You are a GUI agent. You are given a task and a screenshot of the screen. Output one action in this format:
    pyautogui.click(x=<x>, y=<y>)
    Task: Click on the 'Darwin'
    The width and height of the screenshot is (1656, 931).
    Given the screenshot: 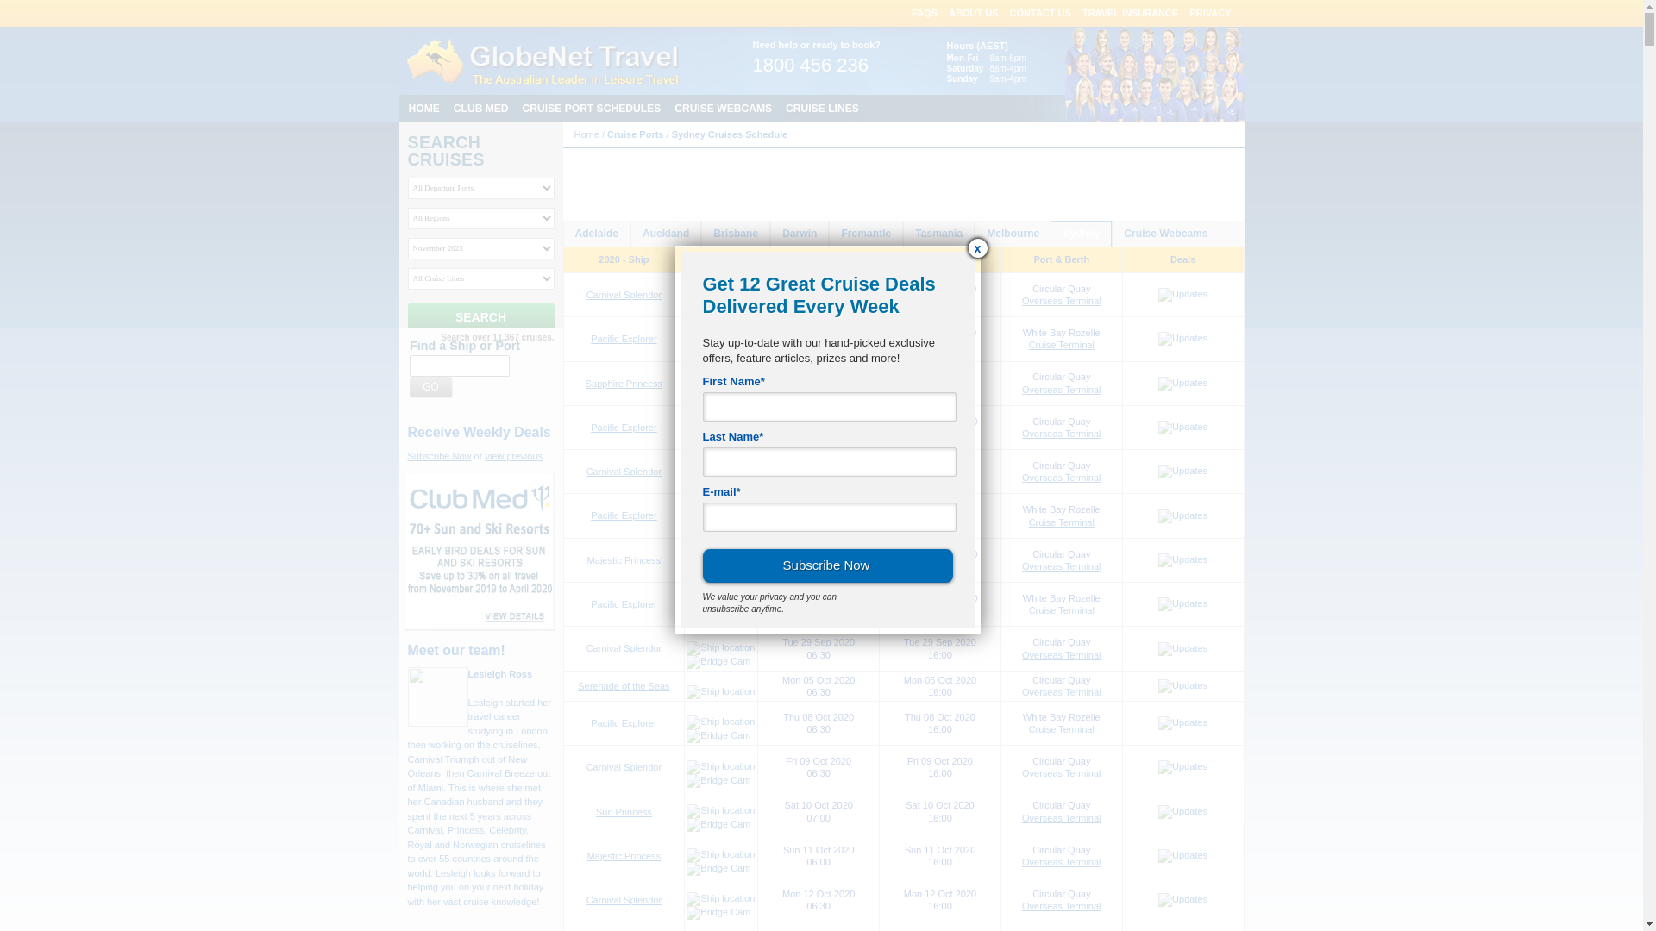 What is the action you would take?
    pyautogui.click(x=769, y=234)
    